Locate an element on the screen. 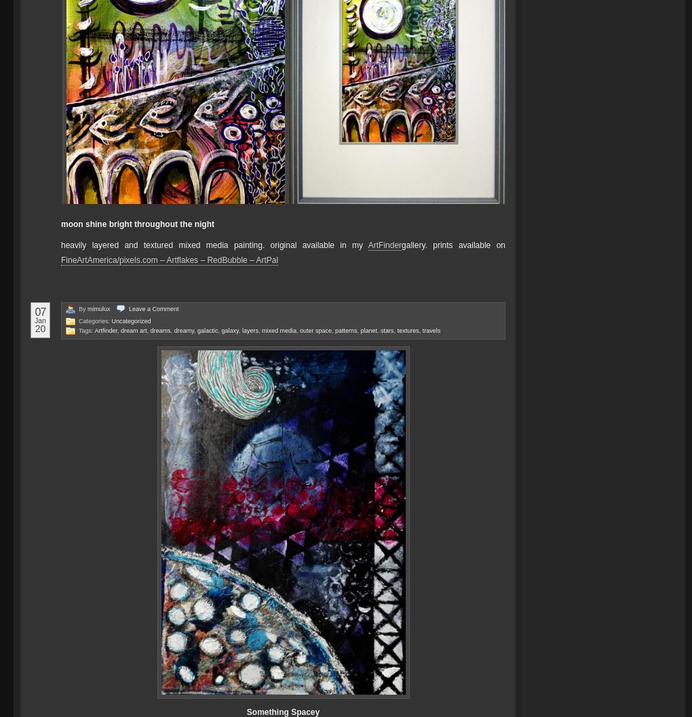  'patterns' is located at coordinates (346, 329).